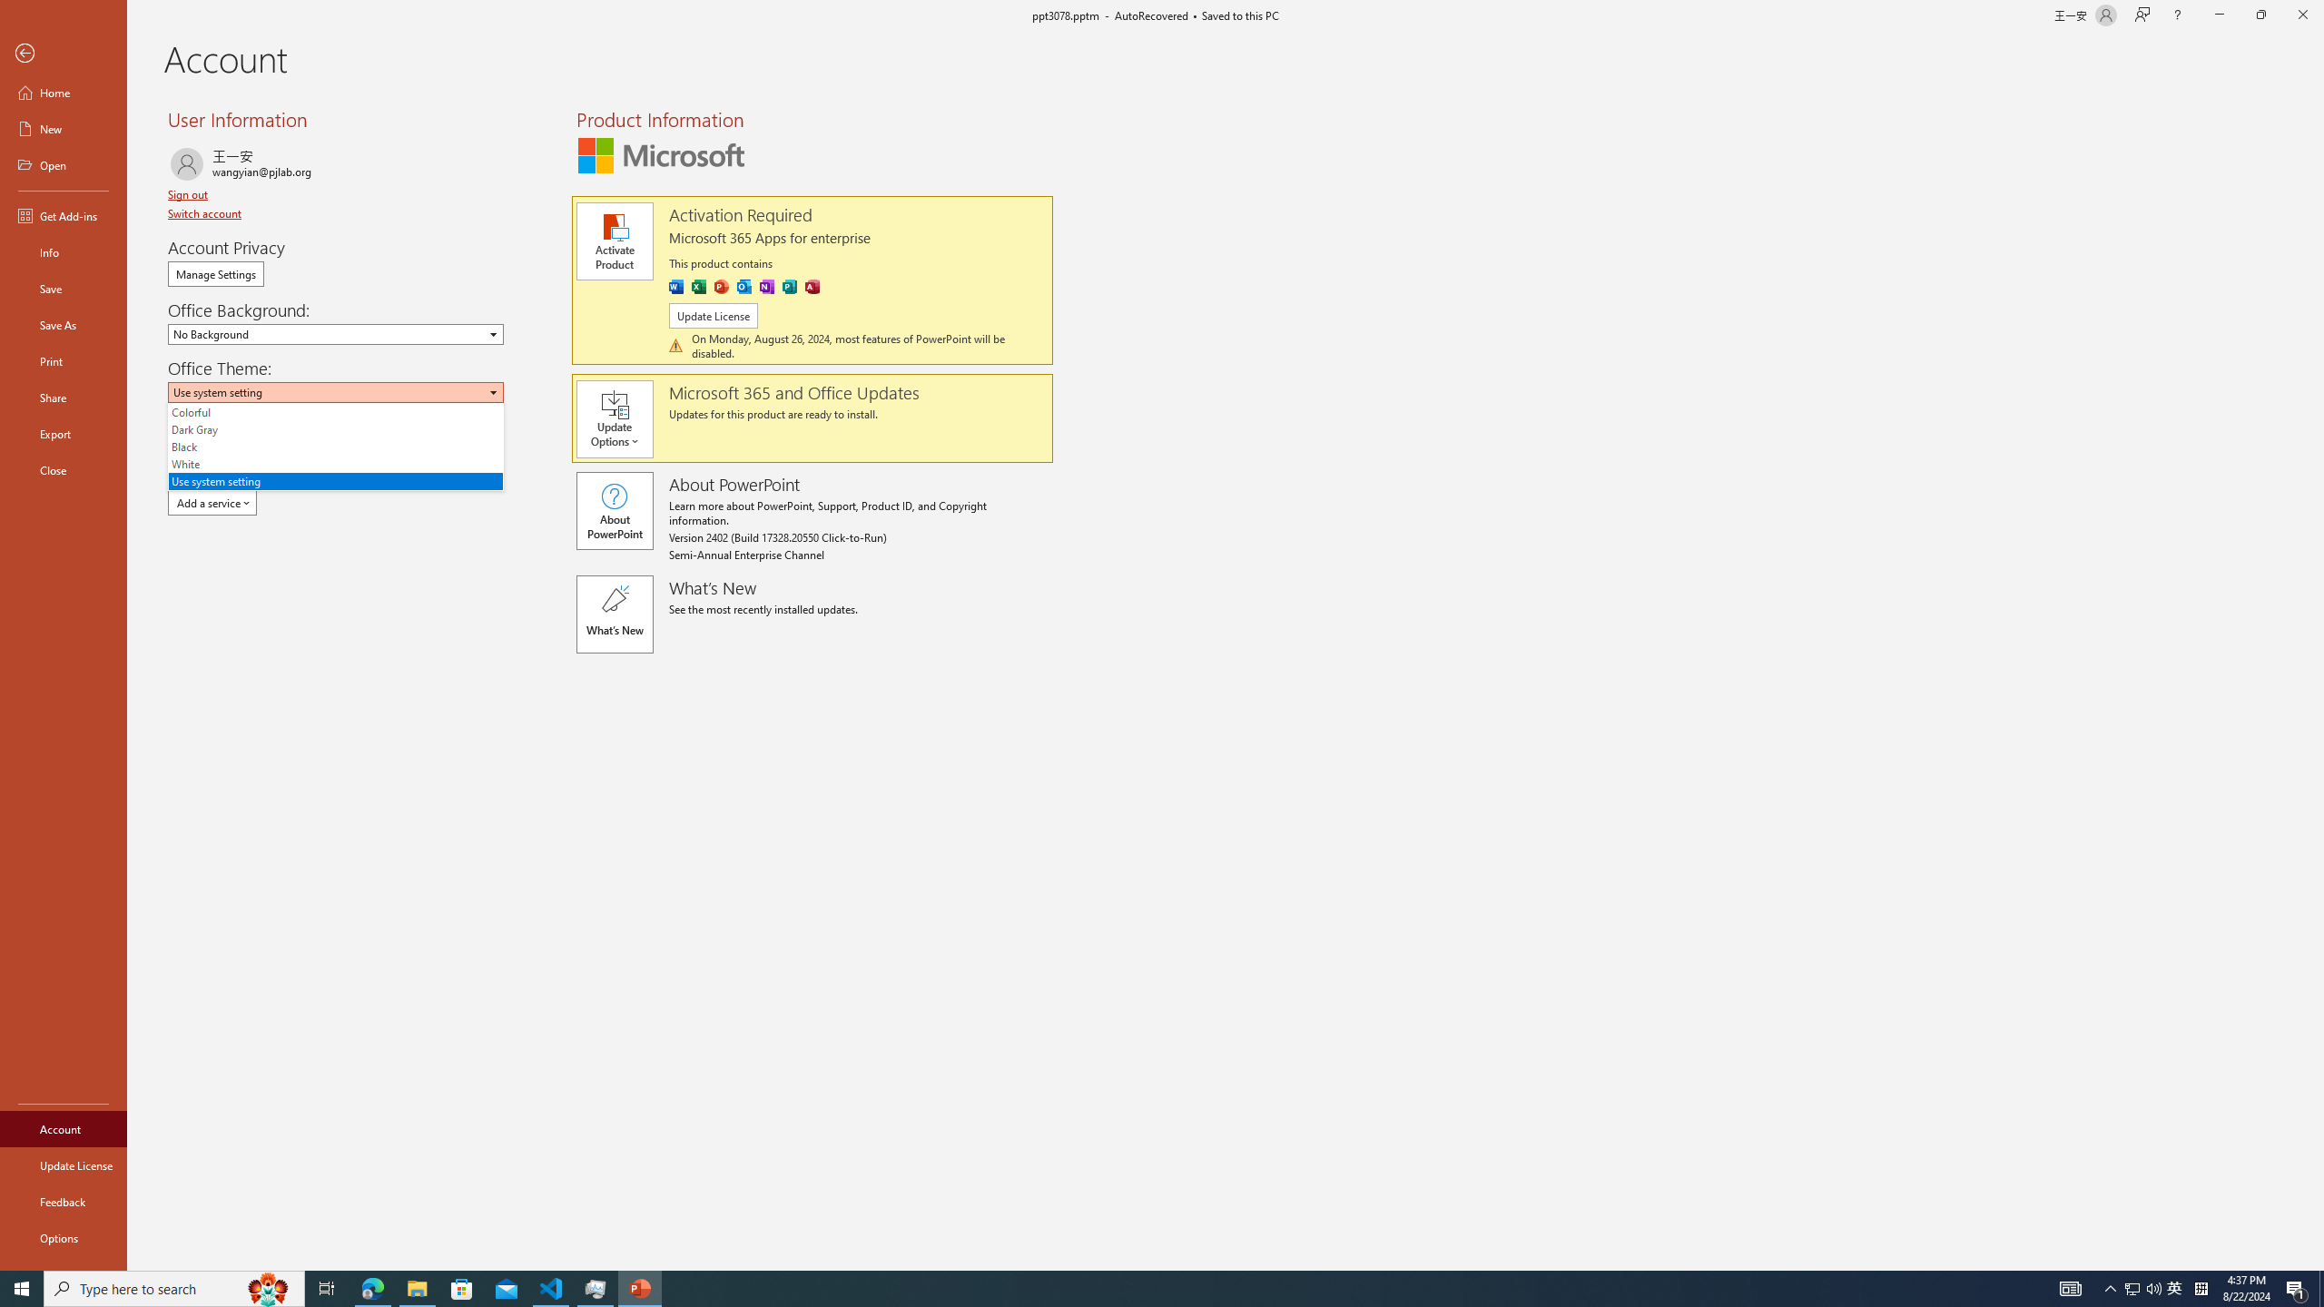 This screenshot has width=2324, height=1307. I want to click on 'Word', so click(675, 286).